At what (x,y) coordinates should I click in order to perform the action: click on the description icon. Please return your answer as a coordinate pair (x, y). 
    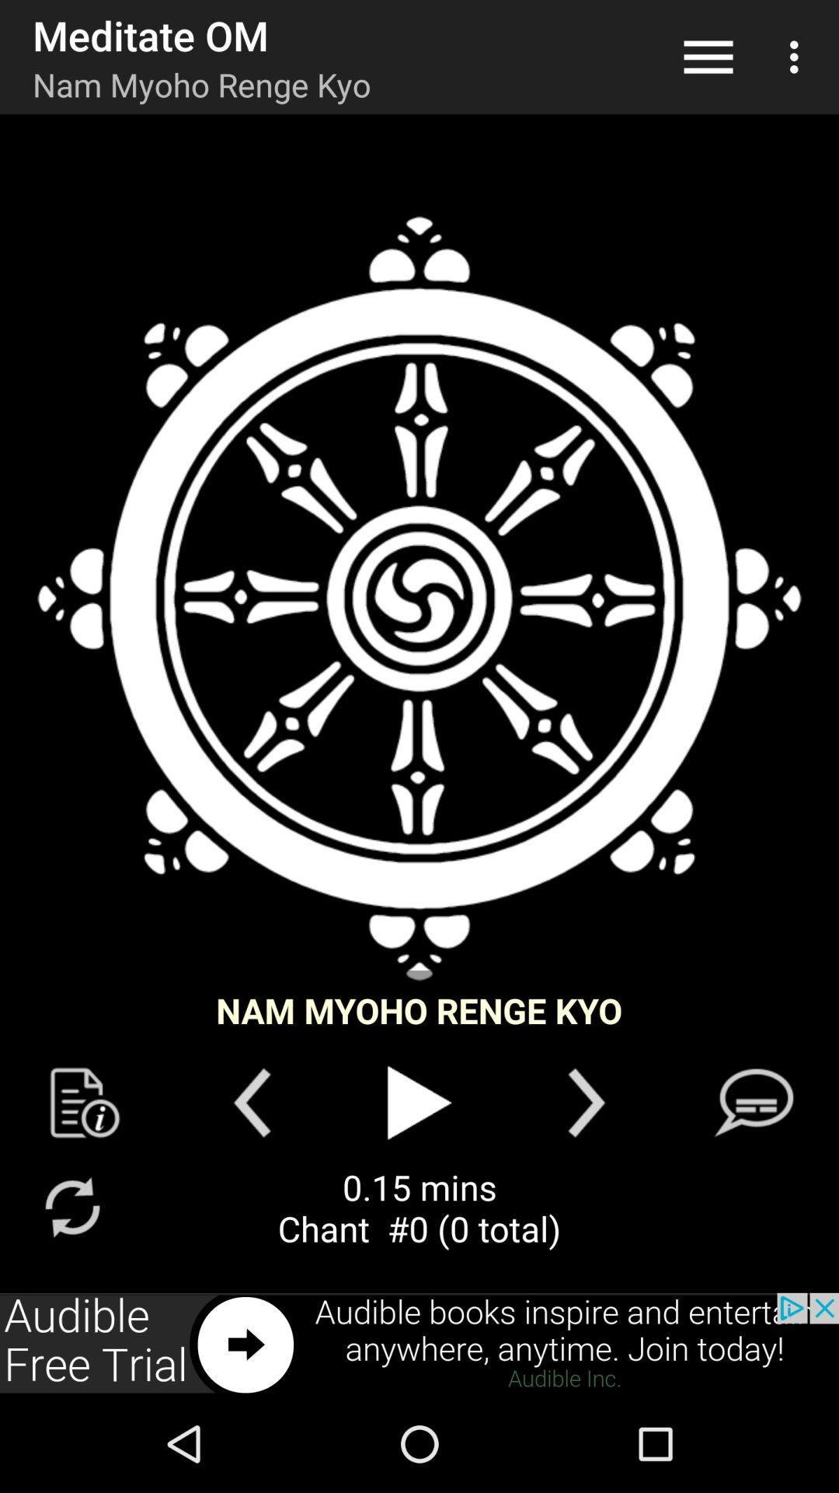
    Looking at the image, I should click on (85, 1102).